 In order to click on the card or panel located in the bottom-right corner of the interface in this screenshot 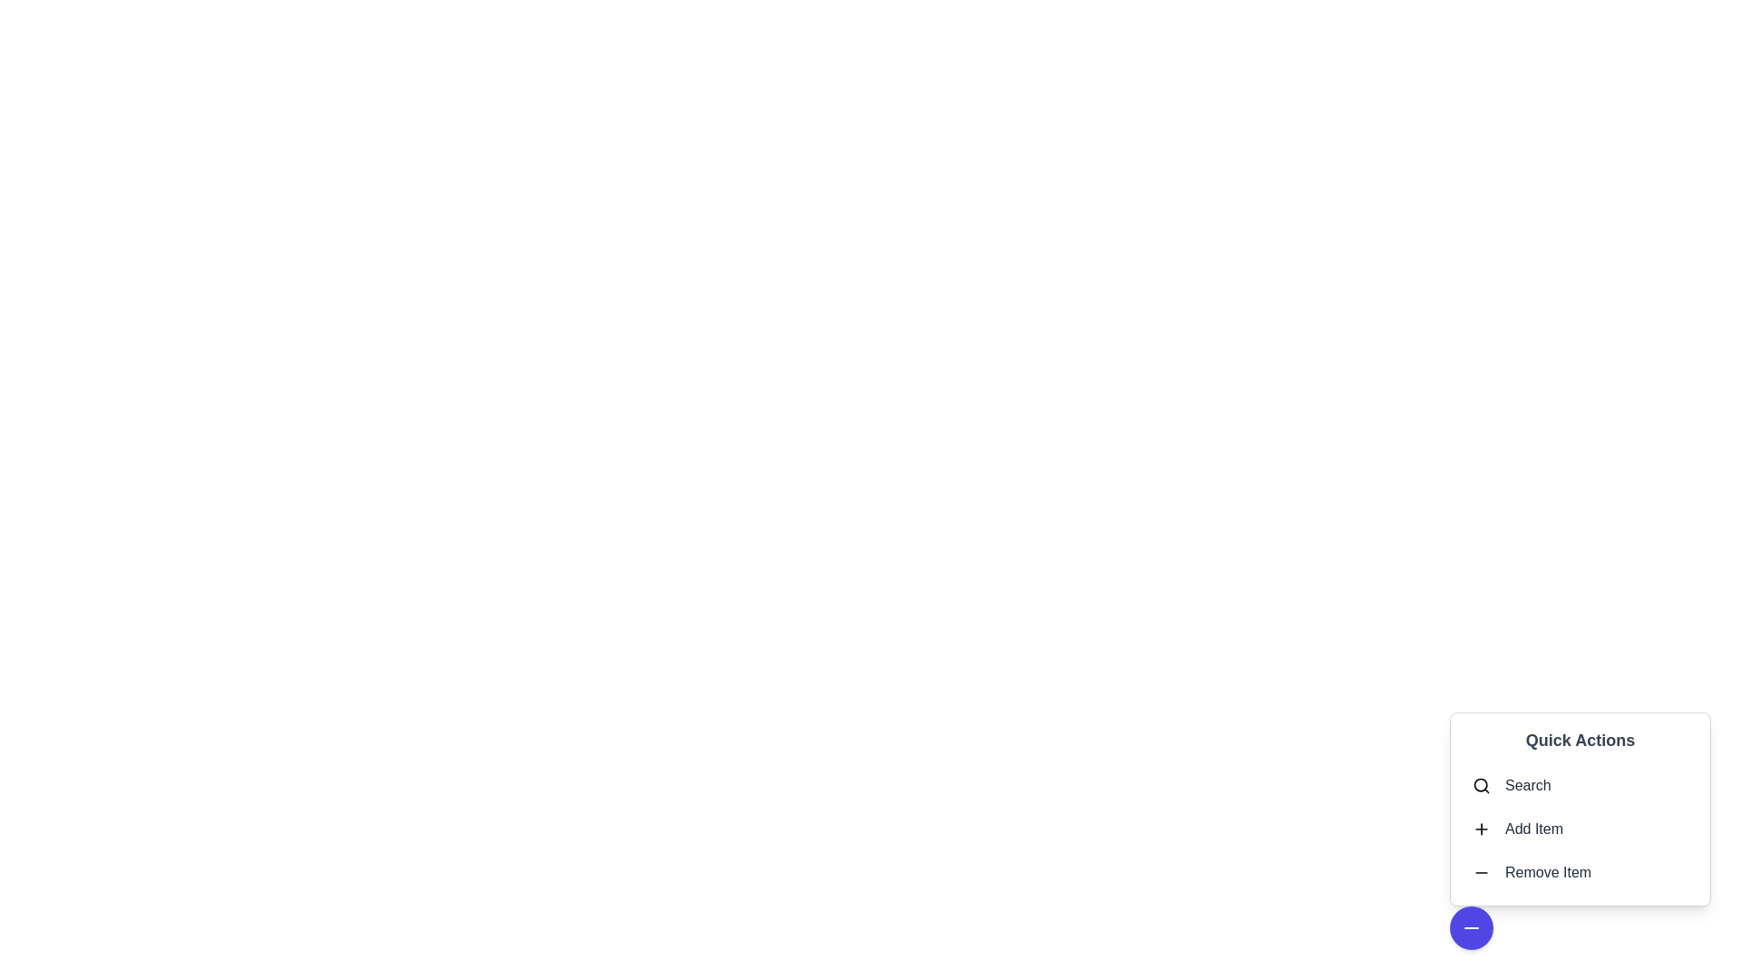, I will do `click(1579, 809)`.